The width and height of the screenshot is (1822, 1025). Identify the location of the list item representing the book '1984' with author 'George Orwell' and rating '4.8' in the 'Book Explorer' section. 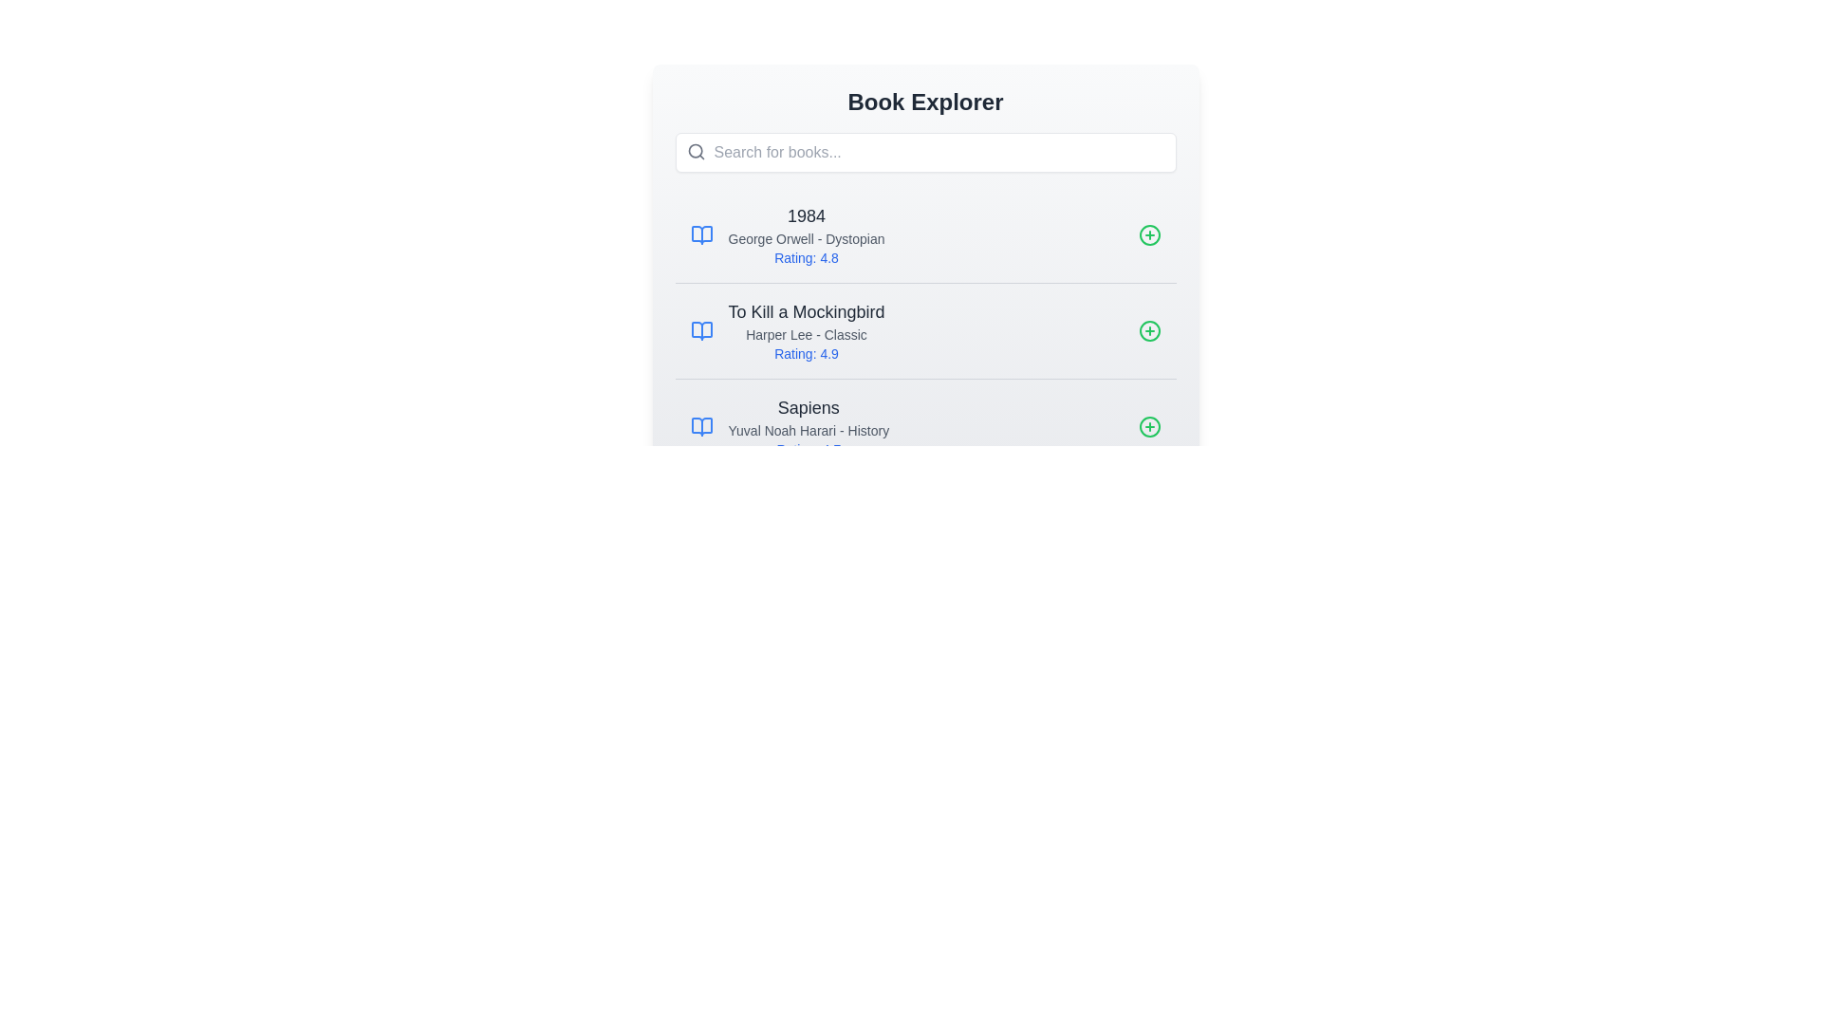
(806, 233).